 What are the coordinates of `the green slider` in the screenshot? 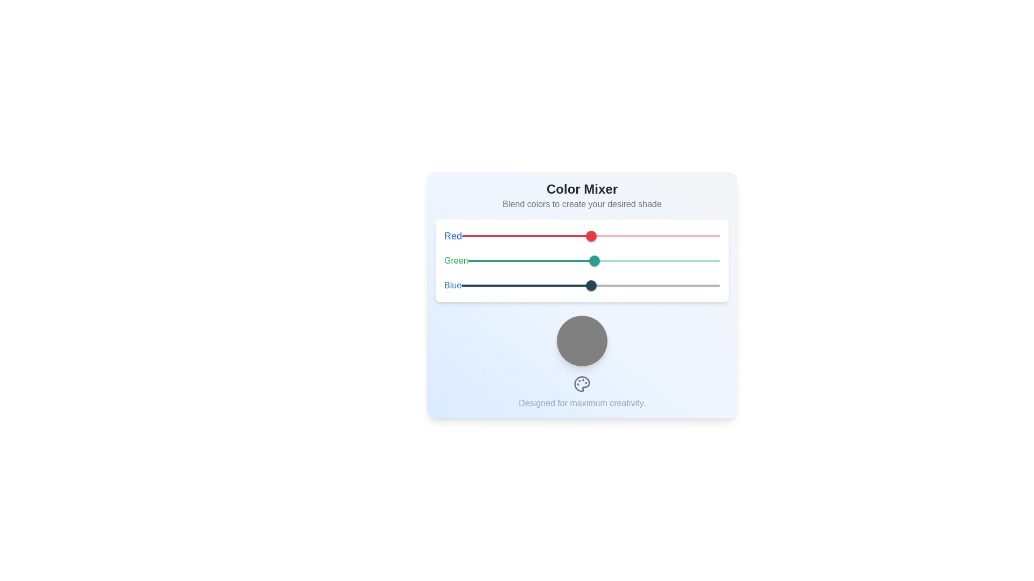 It's located at (498, 261).